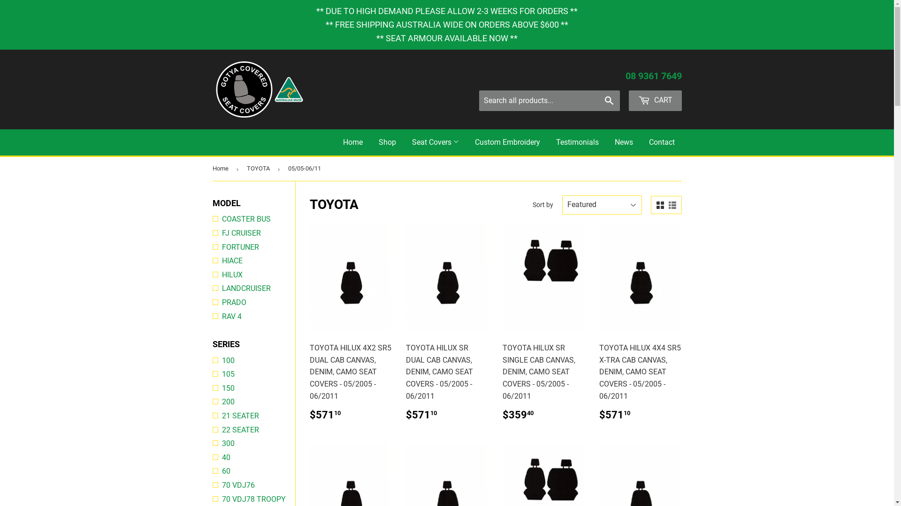 This screenshot has height=506, width=901. I want to click on 'TOYOTA', so click(260, 169).